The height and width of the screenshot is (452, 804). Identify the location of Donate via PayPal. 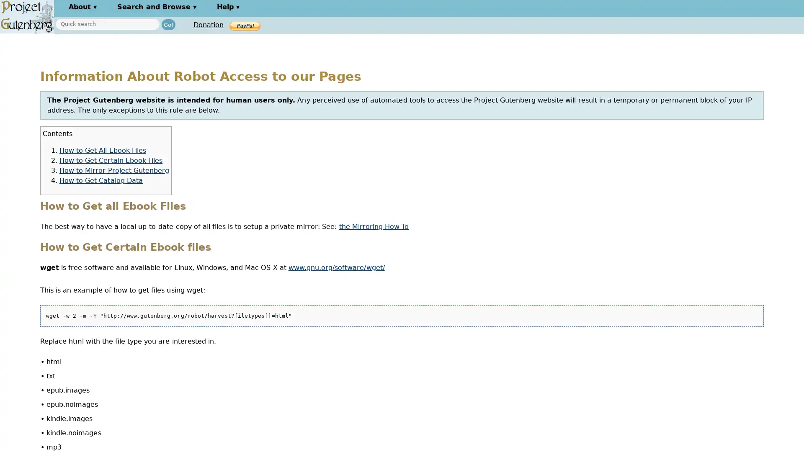
(245, 25).